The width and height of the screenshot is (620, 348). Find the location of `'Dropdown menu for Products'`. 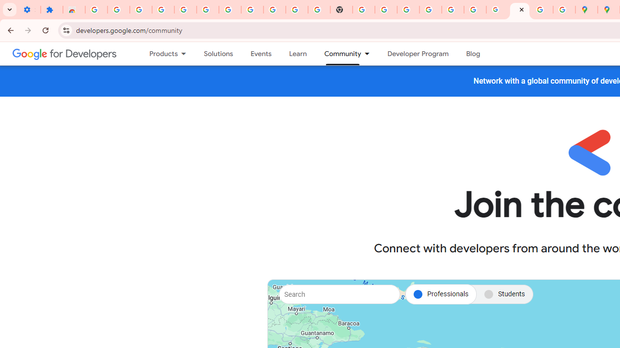

'Dropdown menu for Products' is located at coordinates (186, 54).